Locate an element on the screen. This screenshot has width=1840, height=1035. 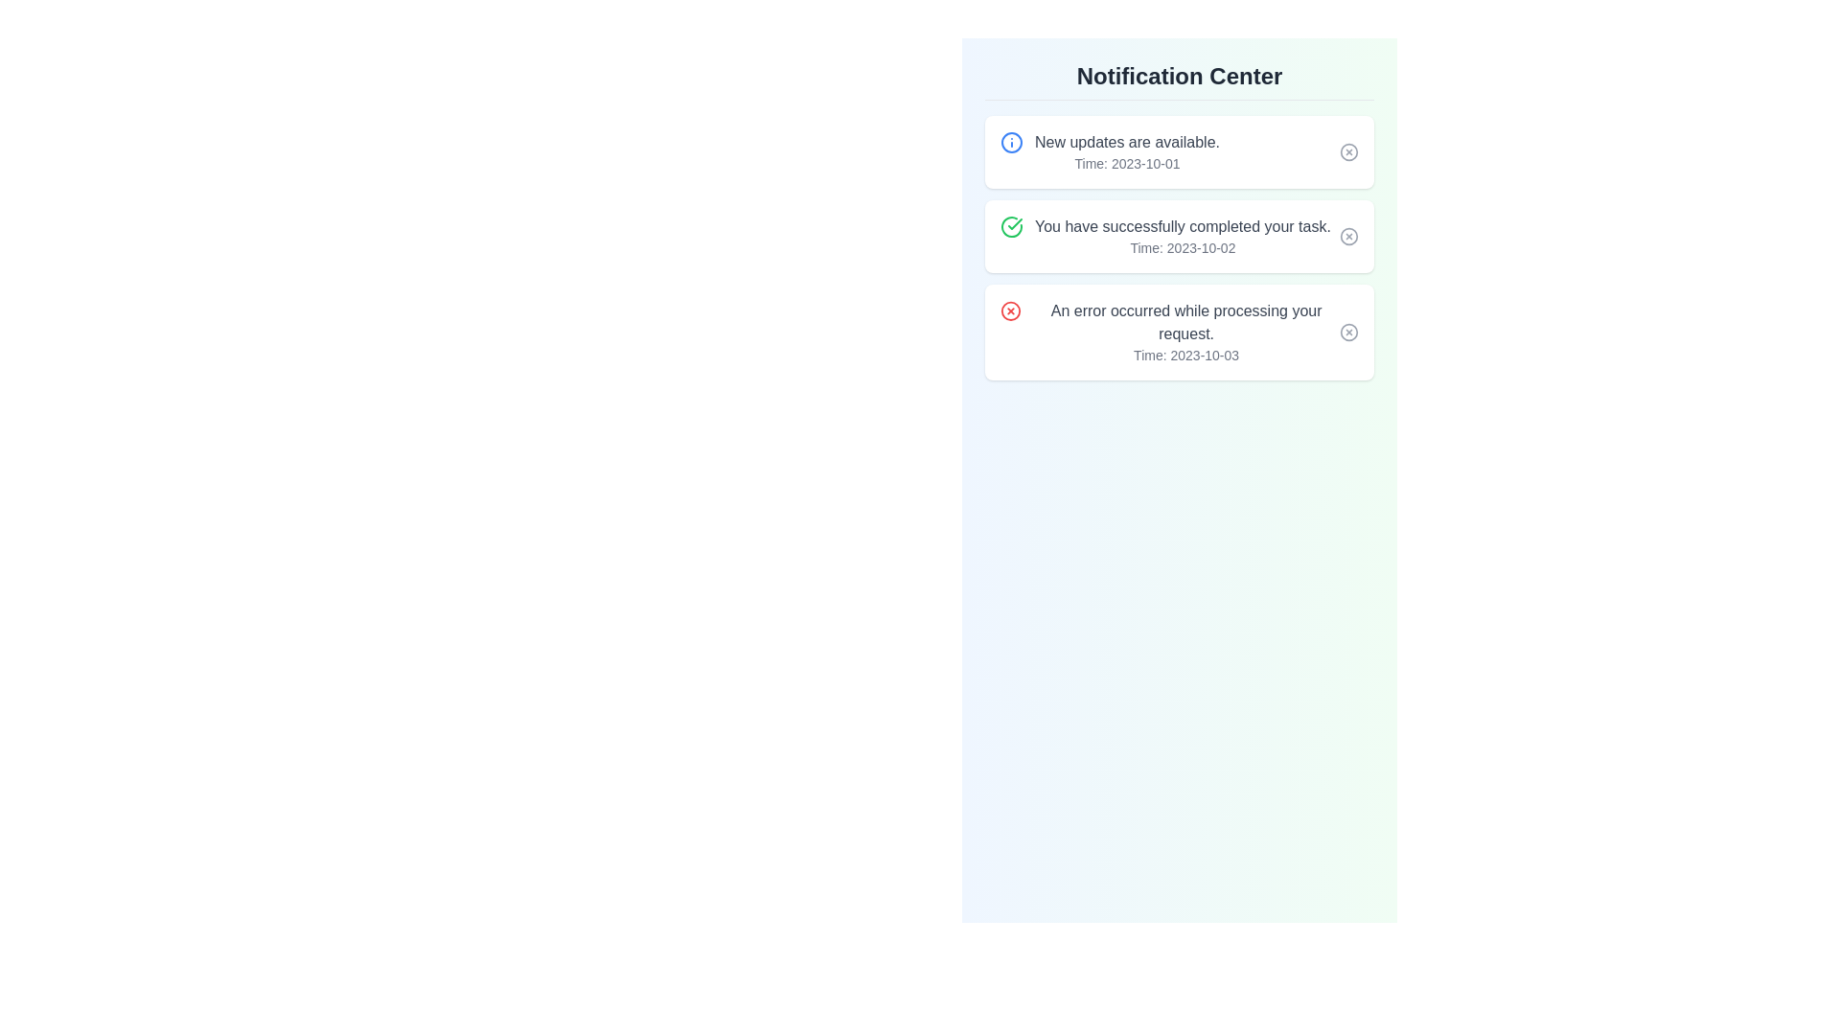
the informational text label indicating a successfully completed task located in the center-right area of the second notification card, which is accompanied by a green check icon is located at coordinates (1182, 225).